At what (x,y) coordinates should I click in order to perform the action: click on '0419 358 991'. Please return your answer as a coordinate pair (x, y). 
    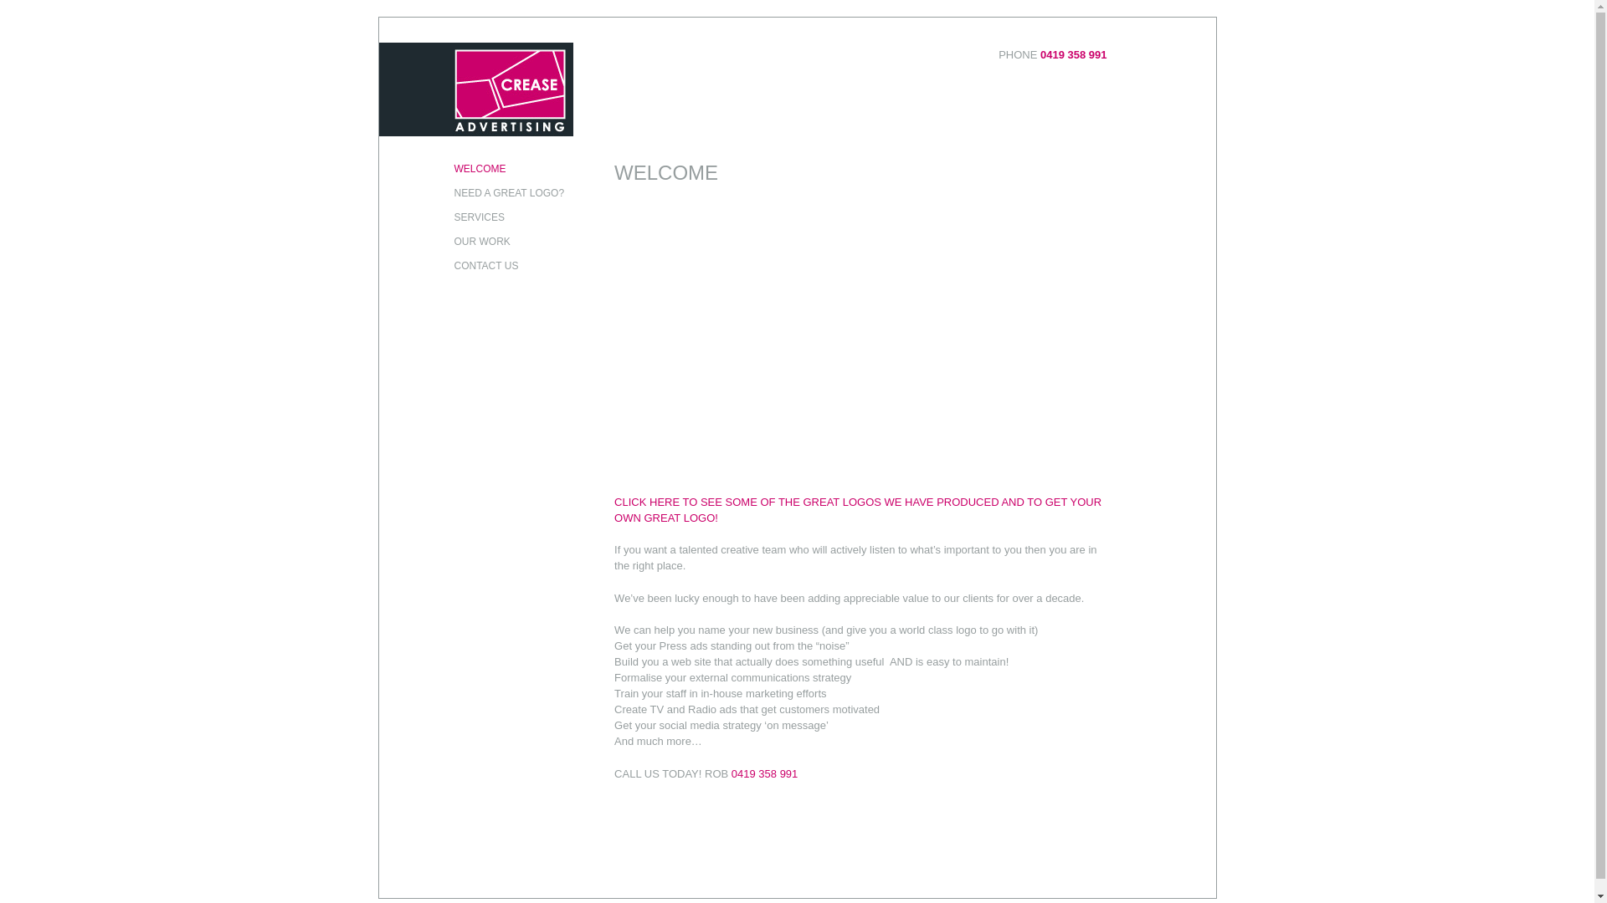
    Looking at the image, I should click on (763, 773).